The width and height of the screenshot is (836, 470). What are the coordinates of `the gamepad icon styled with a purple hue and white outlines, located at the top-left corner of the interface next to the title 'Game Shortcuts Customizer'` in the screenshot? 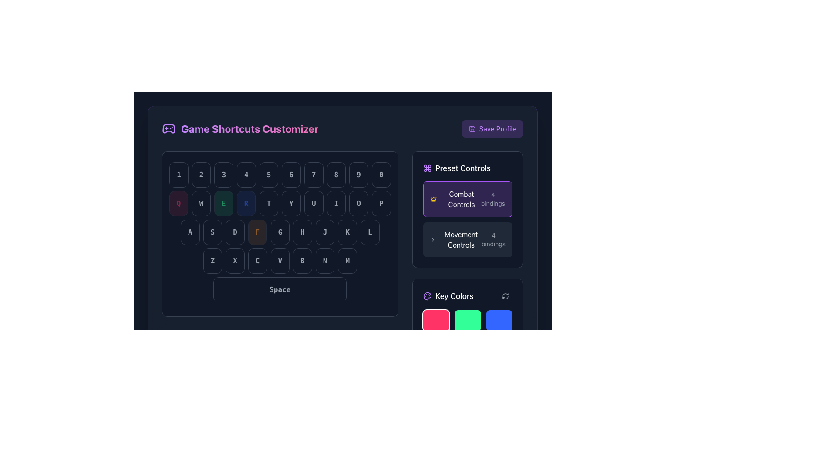 It's located at (169, 129).